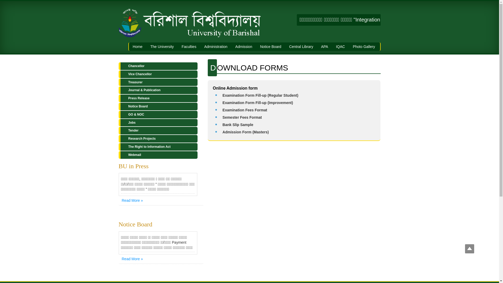 This screenshot has height=283, width=503. Describe the element at coordinates (258, 103) in the screenshot. I see `'Examination Form Fill-up (Improvement)'` at that location.